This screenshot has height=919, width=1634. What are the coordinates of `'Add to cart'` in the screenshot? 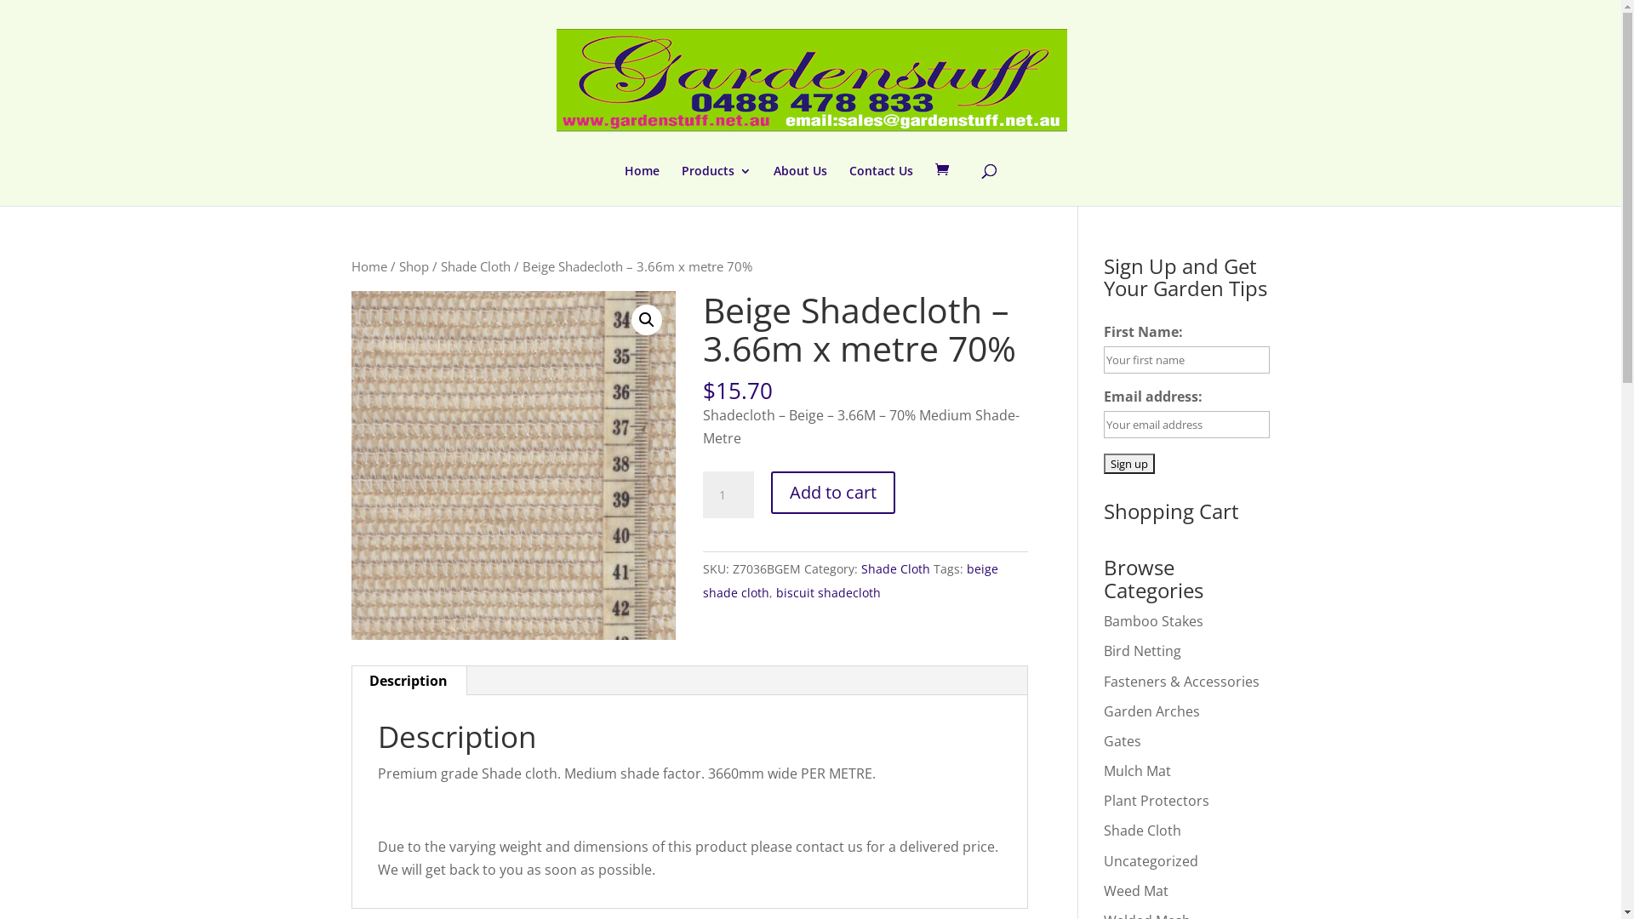 It's located at (833, 492).